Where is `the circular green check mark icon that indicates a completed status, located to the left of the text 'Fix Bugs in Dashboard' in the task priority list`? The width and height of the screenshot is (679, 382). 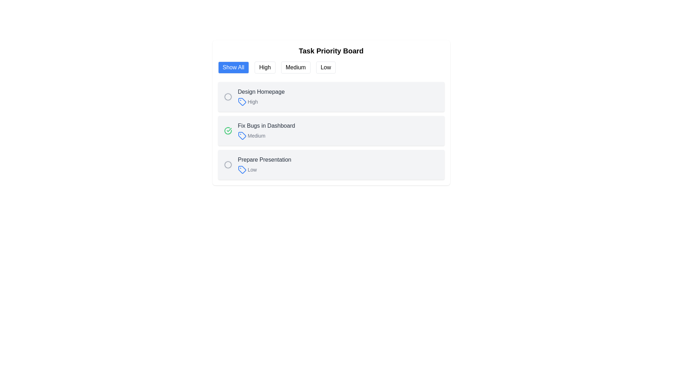
the circular green check mark icon that indicates a completed status, located to the left of the text 'Fix Bugs in Dashboard' in the task priority list is located at coordinates (228, 131).